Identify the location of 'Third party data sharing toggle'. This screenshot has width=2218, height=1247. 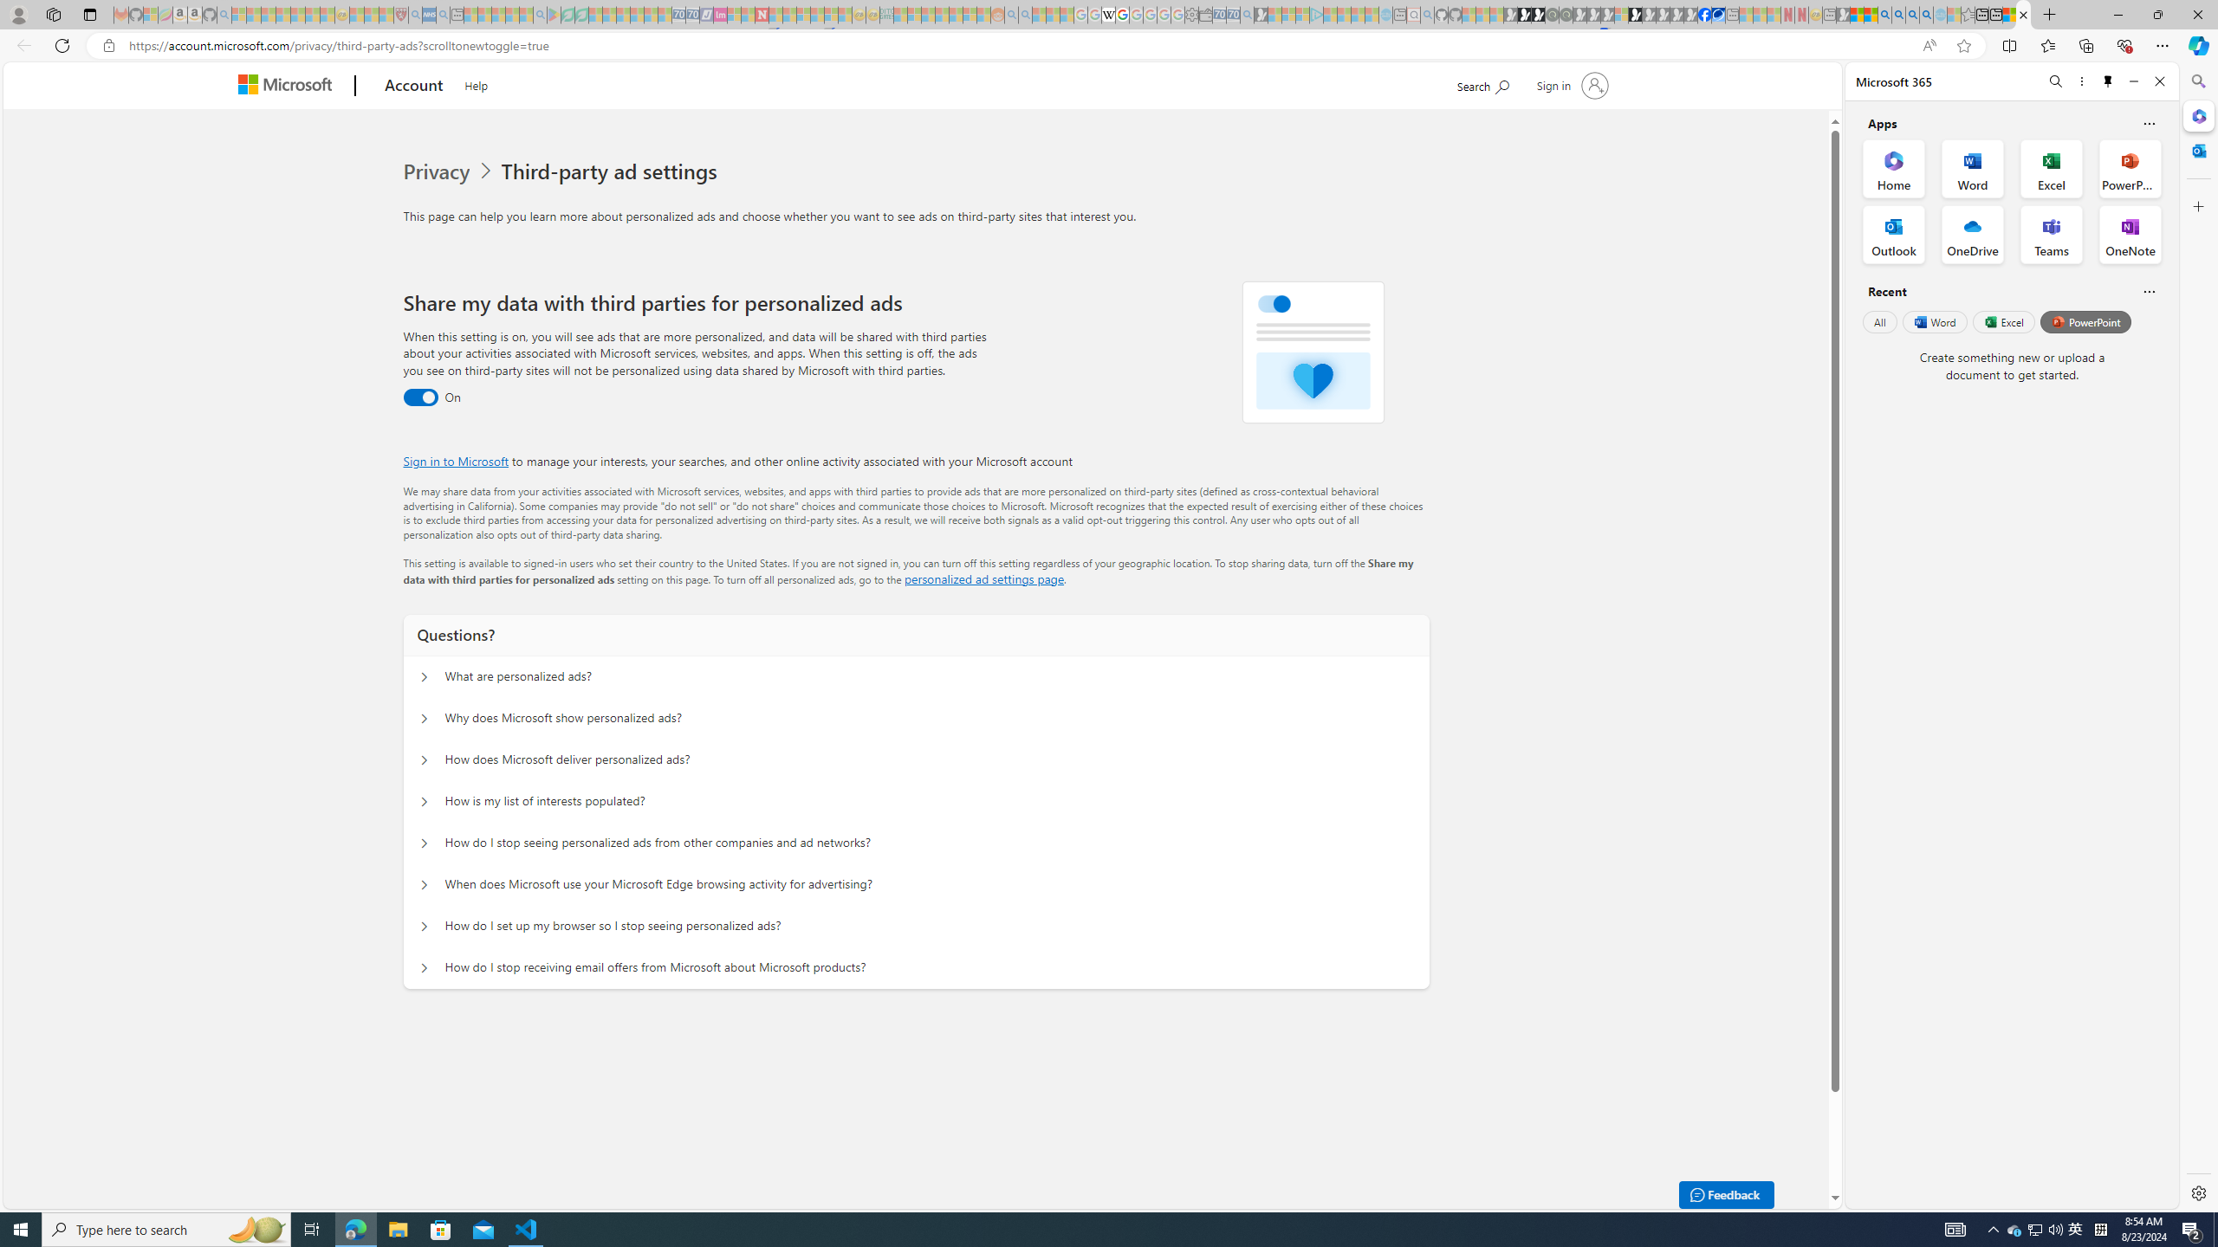
(420, 397).